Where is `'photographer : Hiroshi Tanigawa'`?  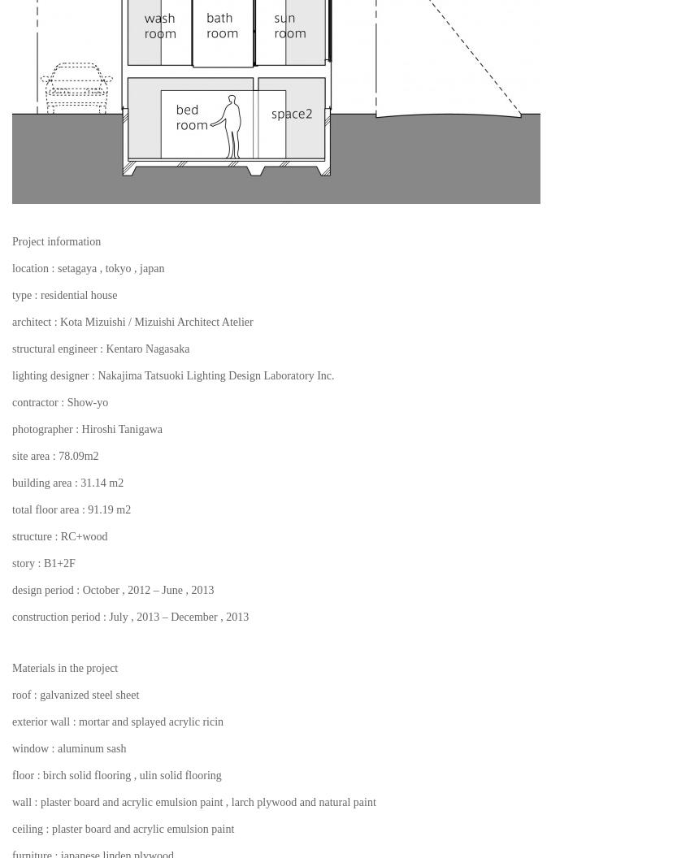 'photographer : Hiroshi Tanigawa' is located at coordinates (86, 427).